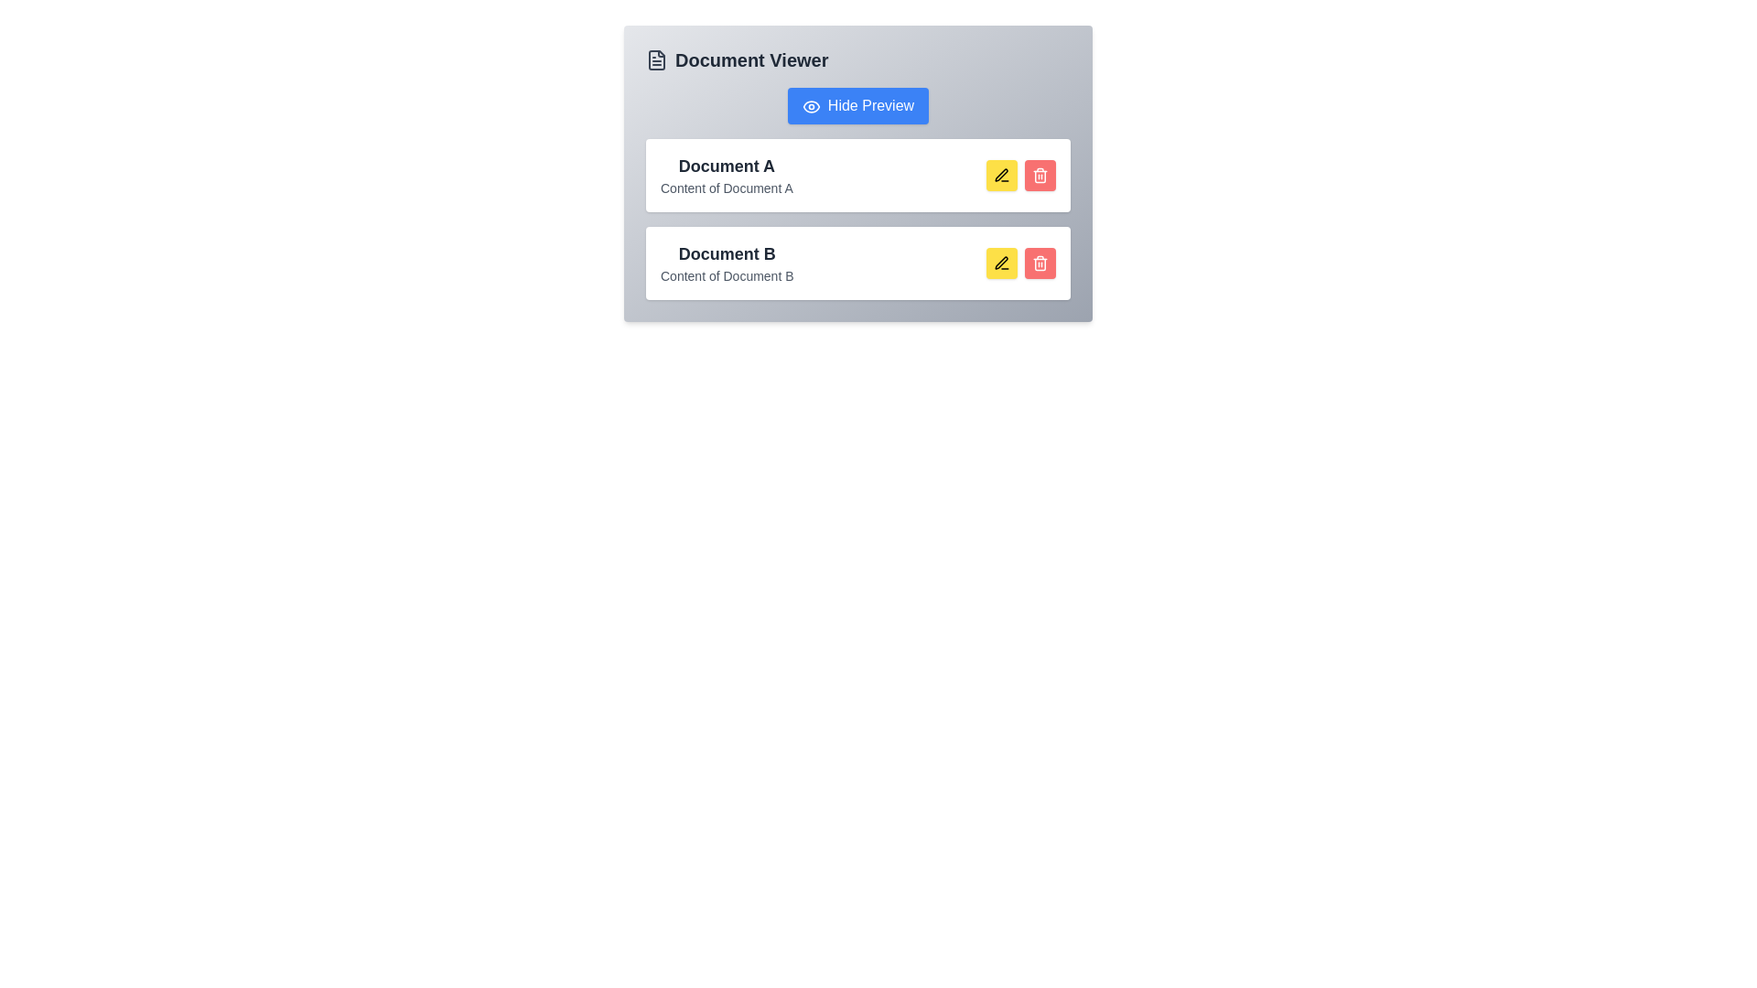  Describe the element at coordinates (657, 59) in the screenshot. I see `the document icon located at the top-left corner of the 'Document Viewer' section, preceding the text 'Document Viewer'` at that location.